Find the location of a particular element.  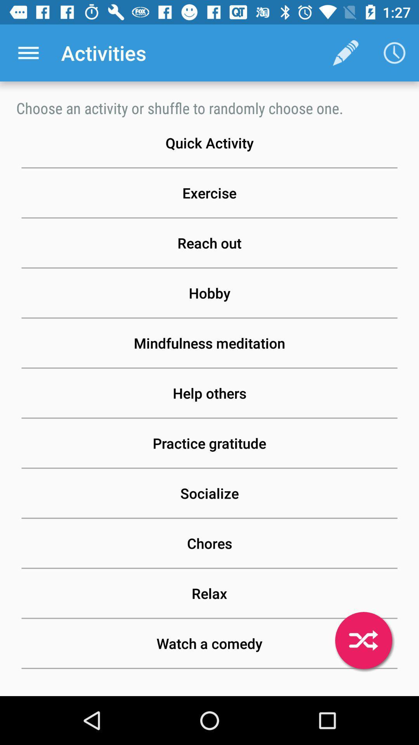

app to the left of the activities item is located at coordinates (28, 52).